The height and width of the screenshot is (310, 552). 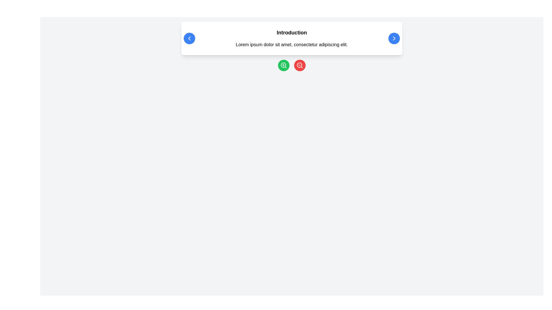 What do you see at coordinates (394, 38) in the screenshot?
I see `the chevron icon within the circular button at the right end of the card` at bounding box center [394, 38].